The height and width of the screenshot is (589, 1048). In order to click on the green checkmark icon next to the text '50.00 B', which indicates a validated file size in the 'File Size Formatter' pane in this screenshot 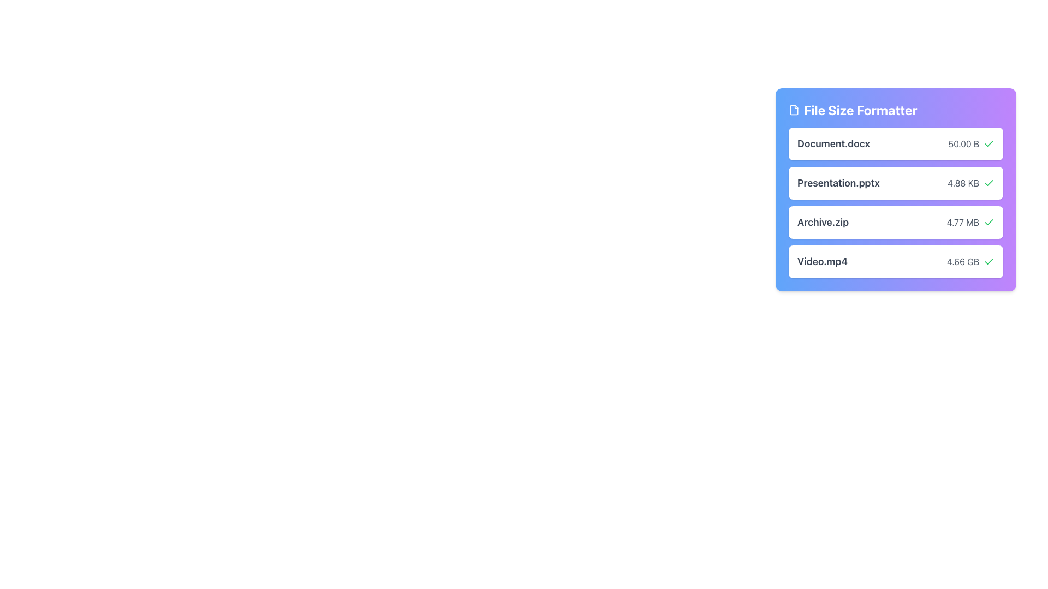, I will do `click(971, 143)`.